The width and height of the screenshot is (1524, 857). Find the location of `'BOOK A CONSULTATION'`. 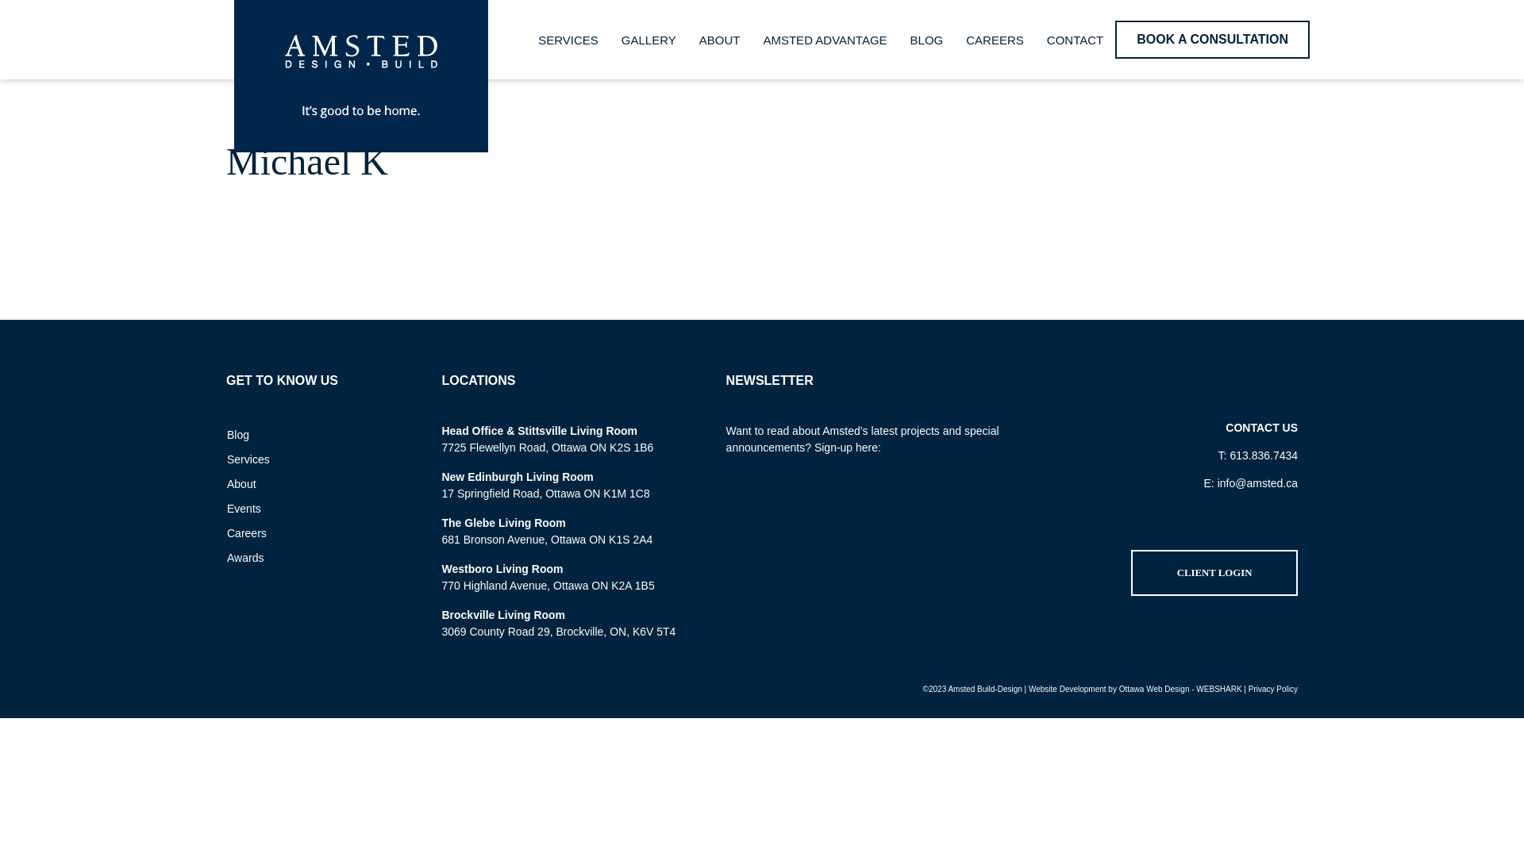

'BOOK A CONSULTATION' is located at coordinates (1114, 39).